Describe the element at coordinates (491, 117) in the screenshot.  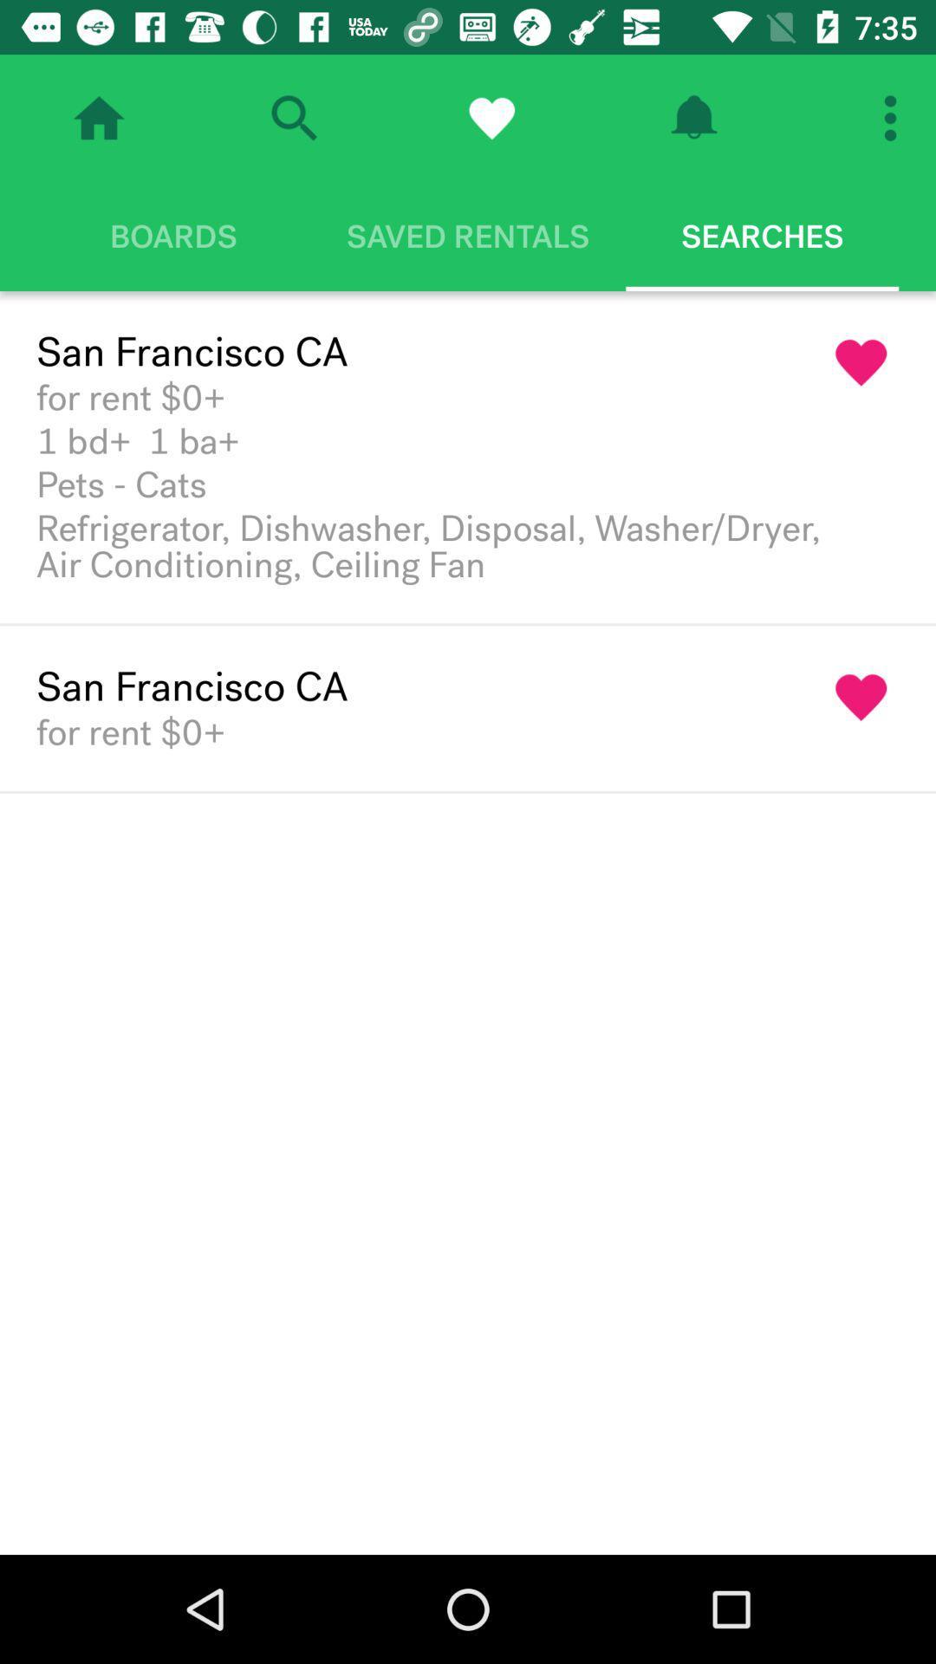
I see `favorites` at that location.